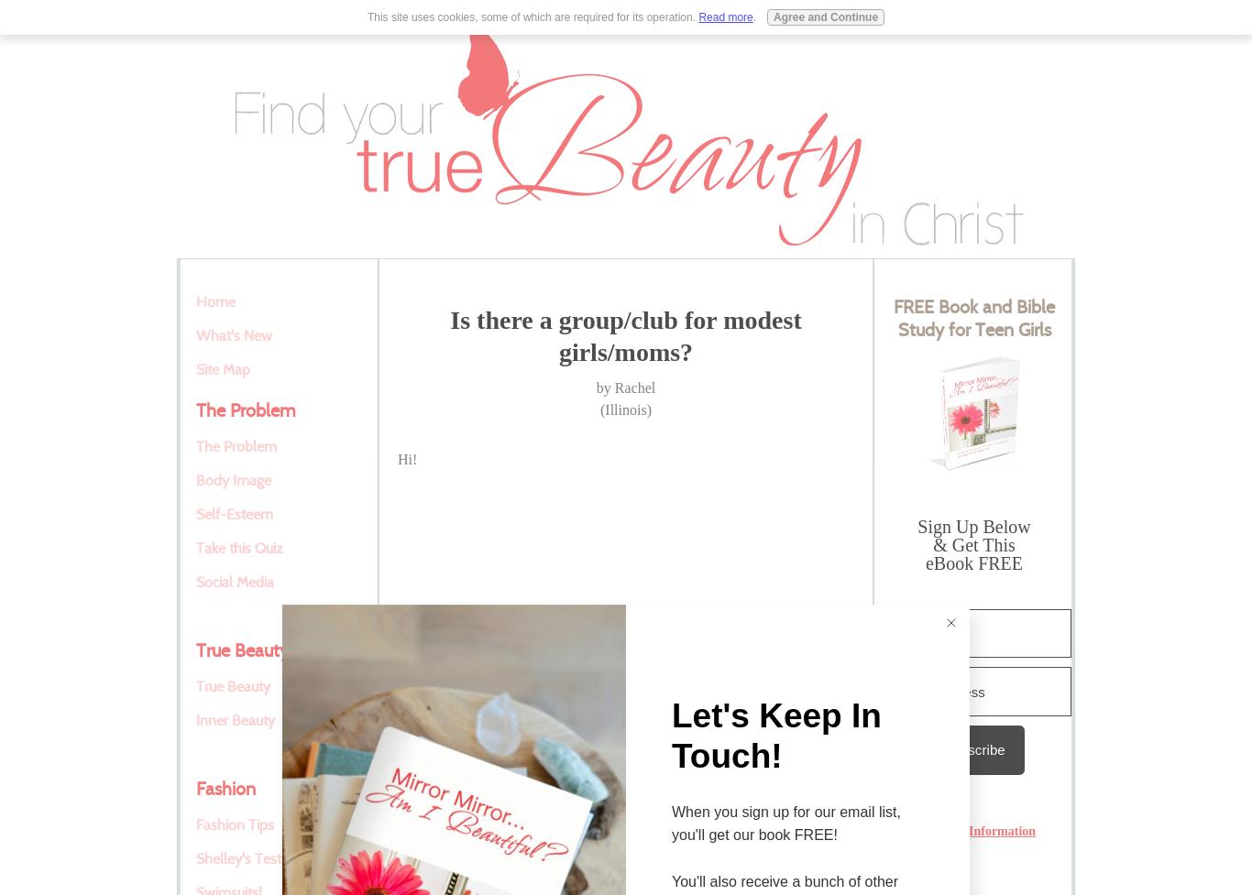 The image size is (1252, 895). I want to click on '(Illinois)', so click(626, 409).